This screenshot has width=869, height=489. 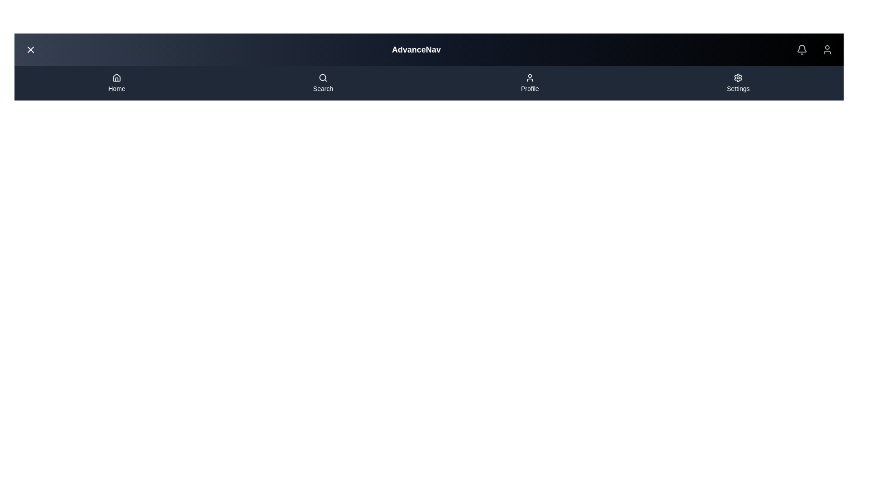 I want to click on the user profile icon, so click(x=827, y=50).